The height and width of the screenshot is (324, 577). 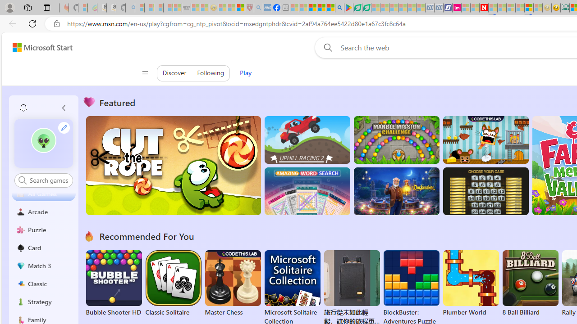 What do you see at coordinates (307, 140) in the screenshot?
I see `'Up Hill Racing 2'` at bounding box center [307, 140].